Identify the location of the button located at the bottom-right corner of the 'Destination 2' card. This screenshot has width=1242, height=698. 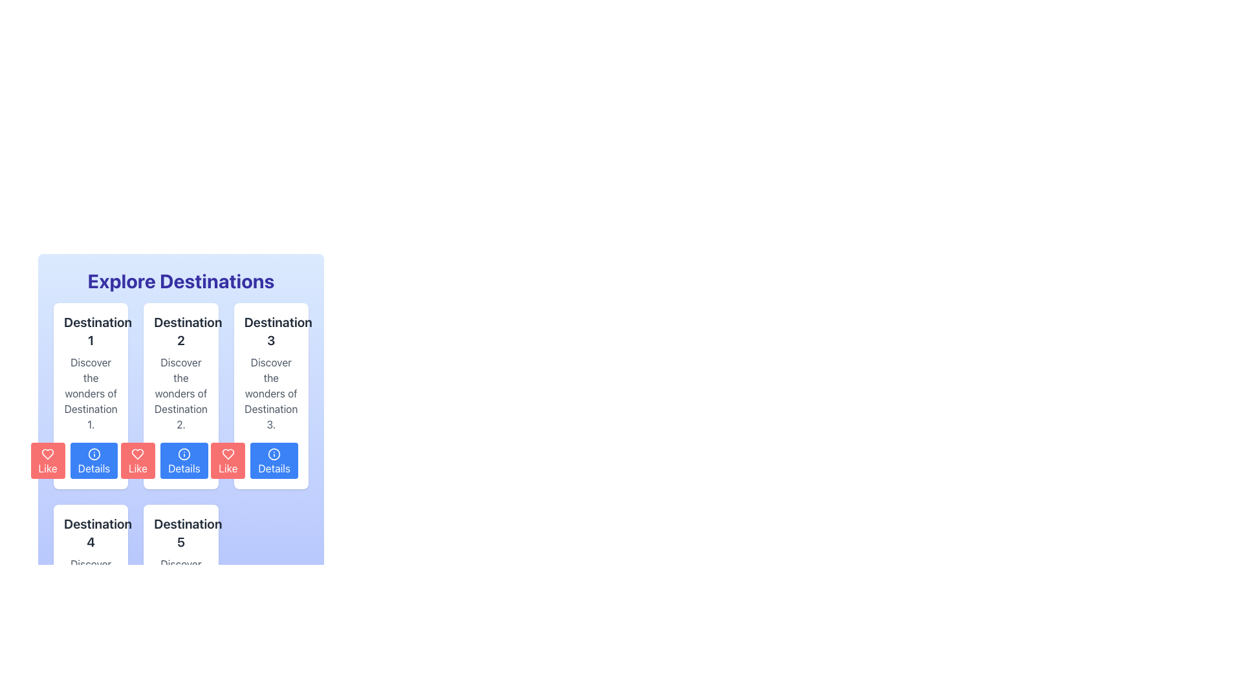
(180, 460).